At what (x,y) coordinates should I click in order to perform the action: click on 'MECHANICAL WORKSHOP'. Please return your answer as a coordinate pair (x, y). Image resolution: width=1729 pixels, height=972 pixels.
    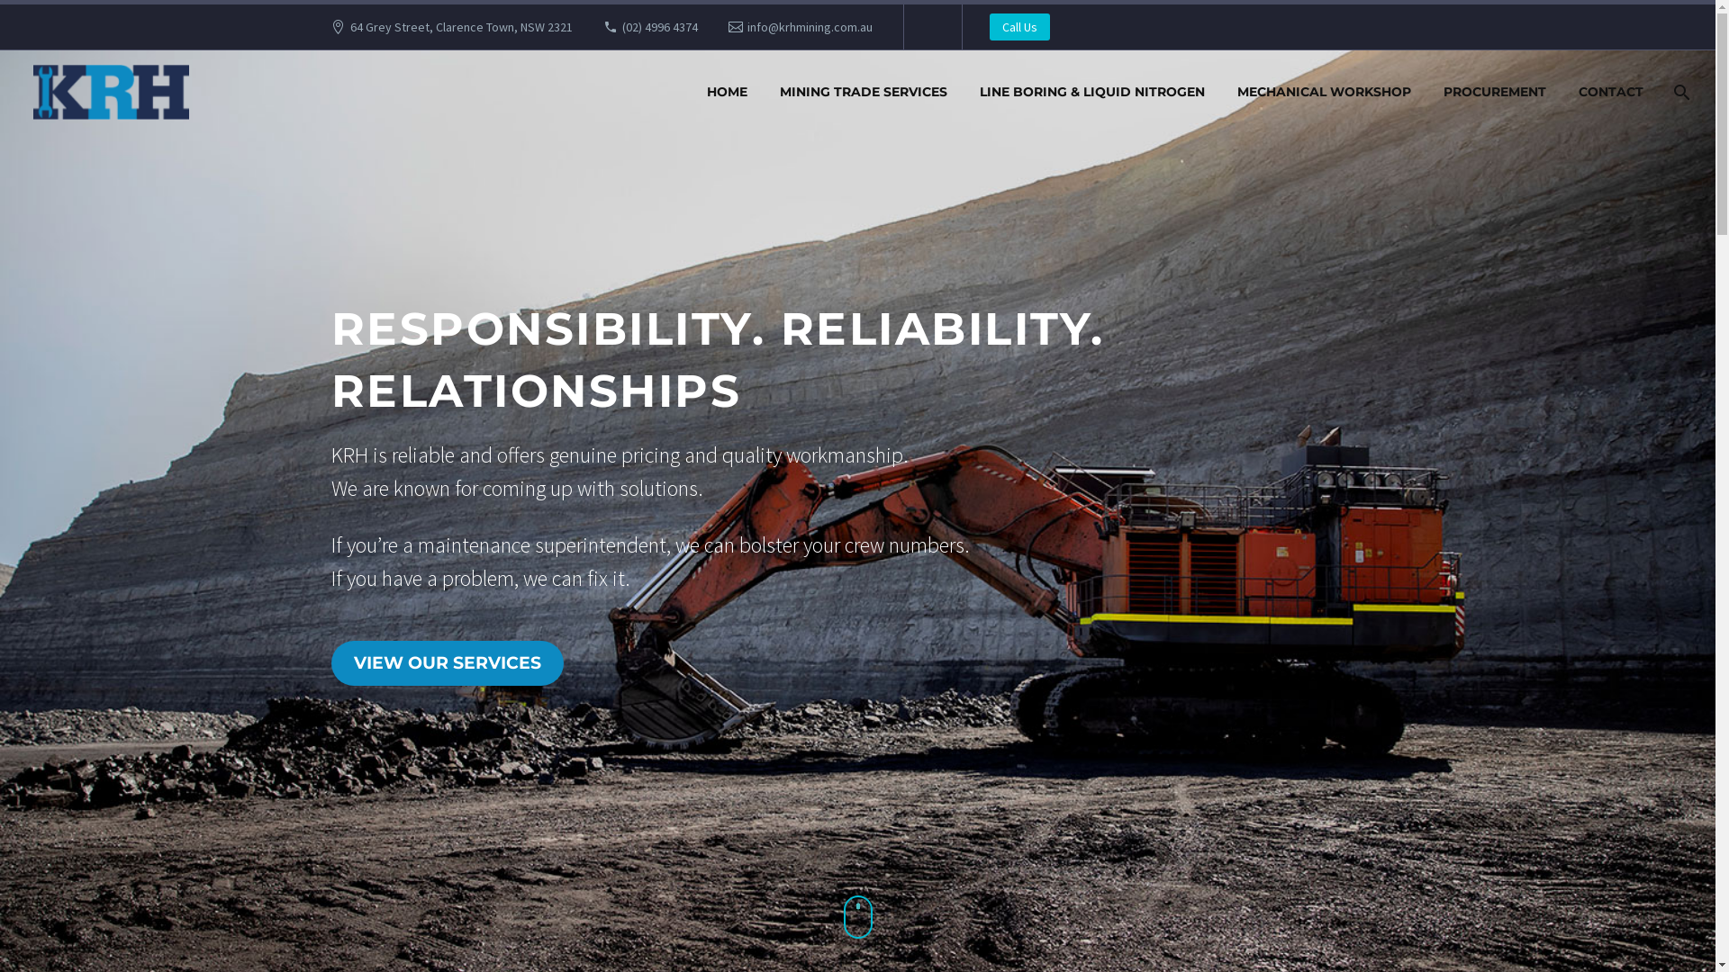
    Looking at the image, I should click on (1324, 92).